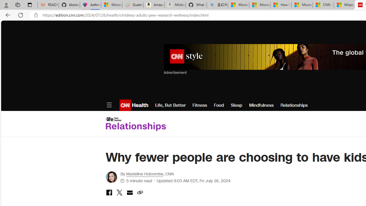 Image resolution: width=366 pixels, height=206 pixels. I want to click on 'Open Menu Icon', so click(109, 105).